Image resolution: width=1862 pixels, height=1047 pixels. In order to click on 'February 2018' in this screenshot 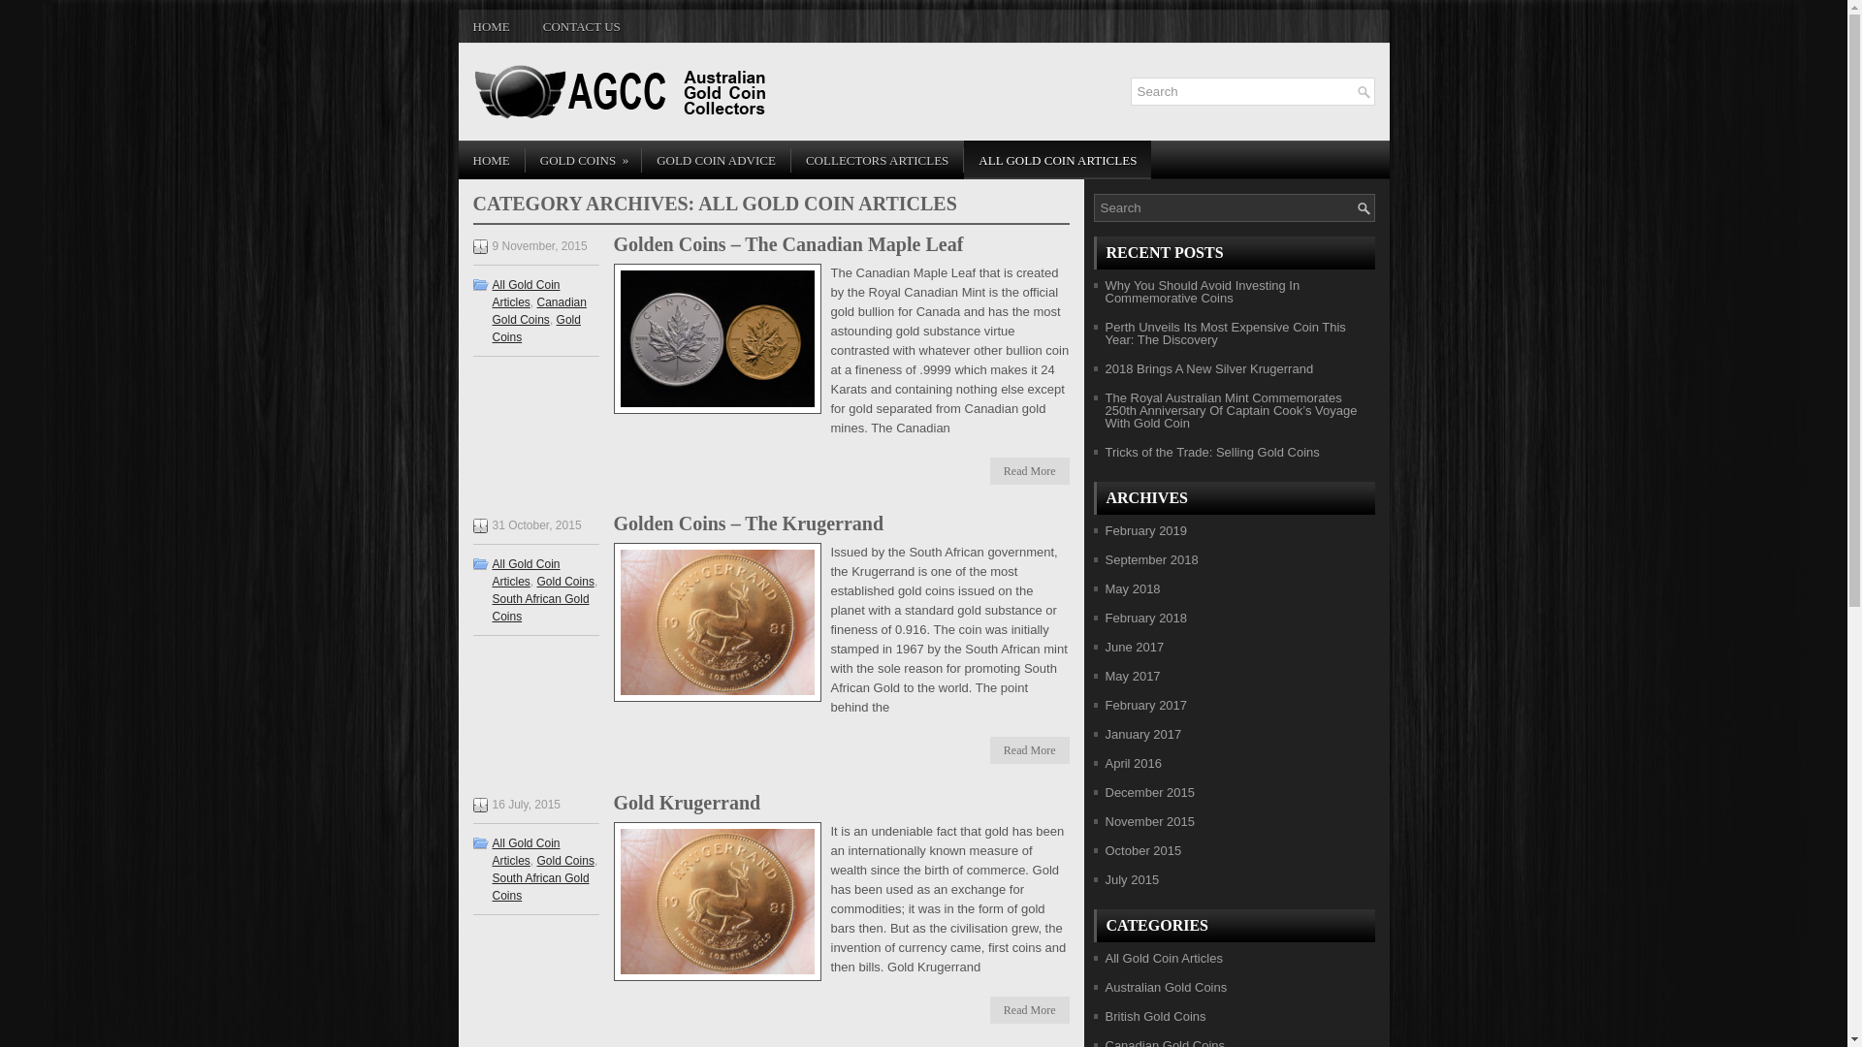, I will do `click(1146, 618)`.